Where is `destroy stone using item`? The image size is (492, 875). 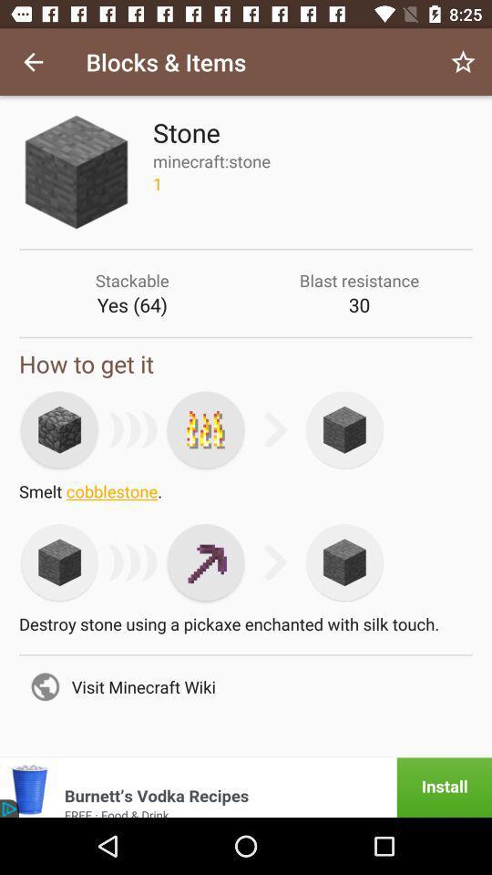
destroy stone using item is located at coordinates (246, 629).